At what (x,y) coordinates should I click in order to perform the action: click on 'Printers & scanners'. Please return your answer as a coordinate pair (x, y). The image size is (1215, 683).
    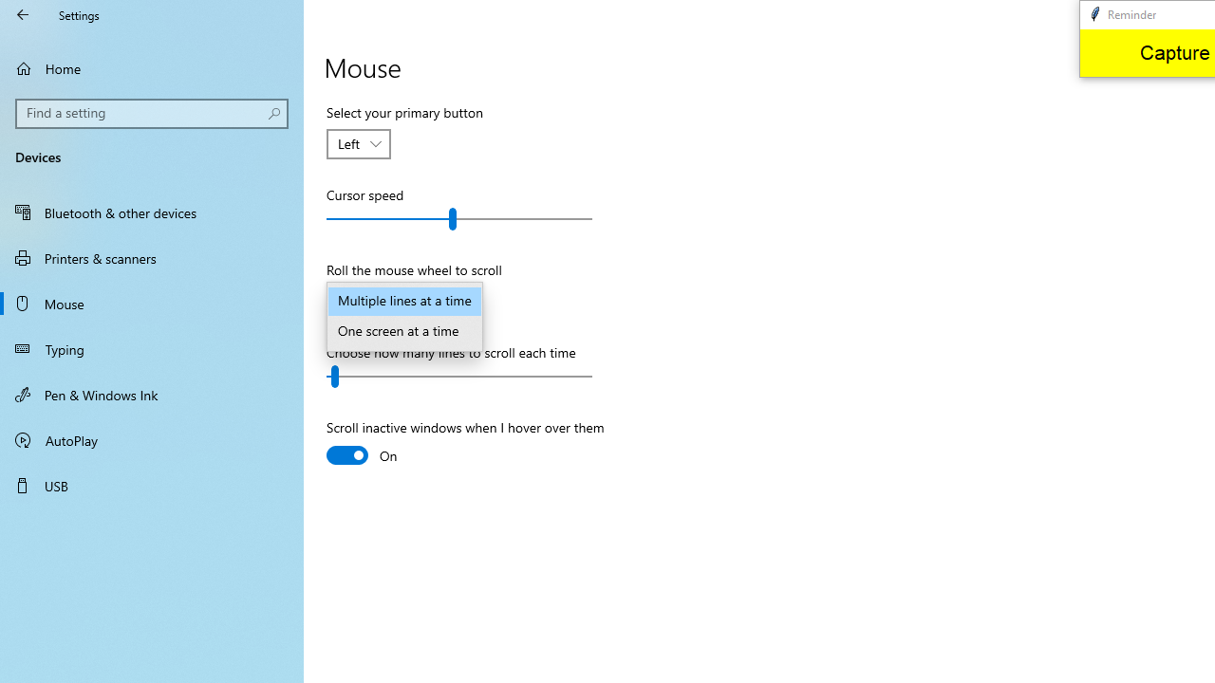
    Looking at the image, I should click on (152, 257).